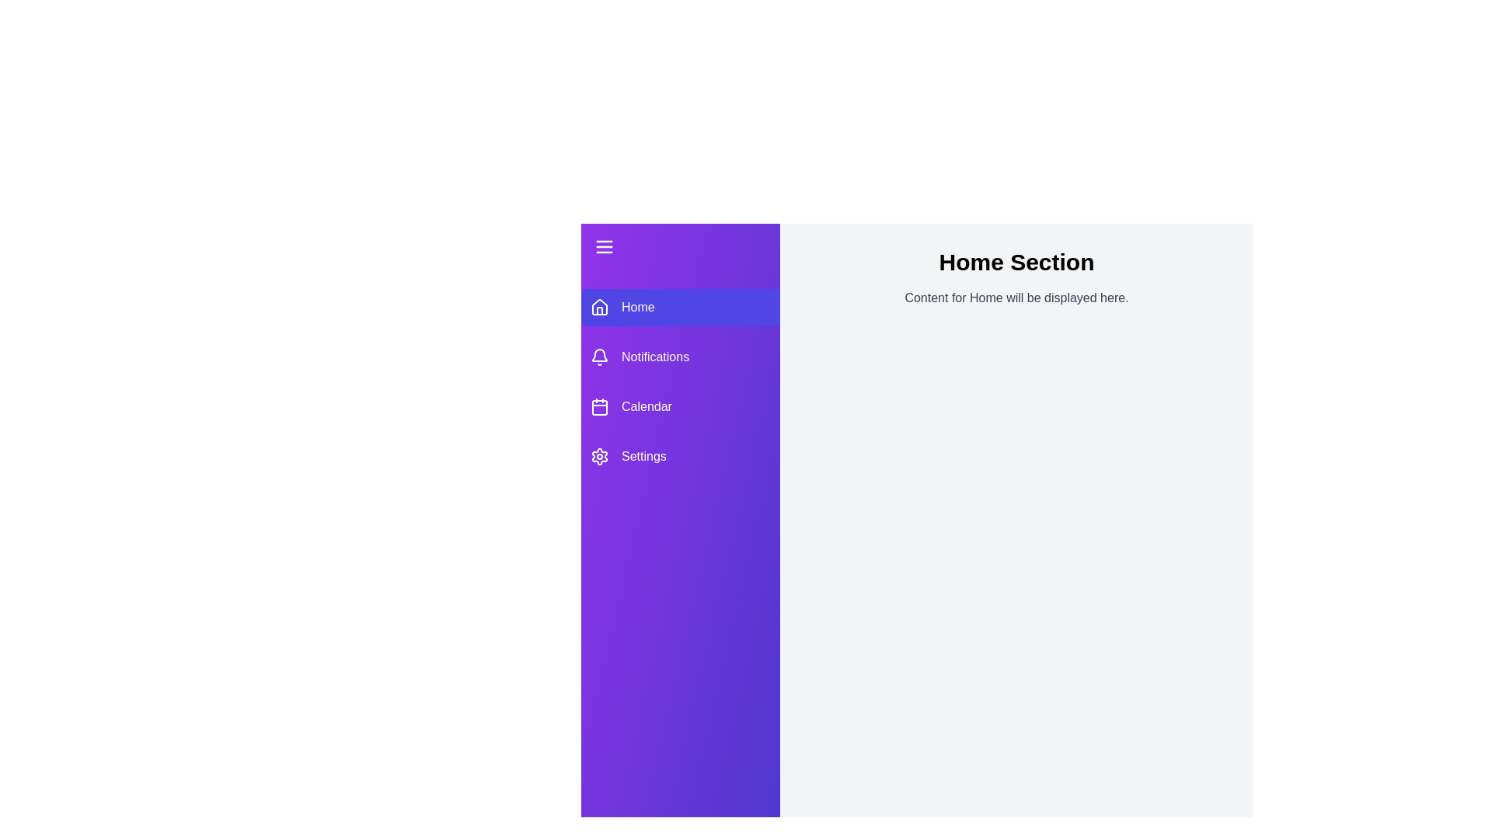  I want to click on the menu item Settings in the sidebar, so click(680, 455).